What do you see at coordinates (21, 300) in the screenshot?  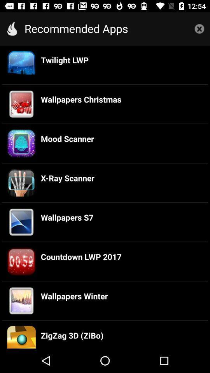 I see `the second image above the notification bar` at bounding box center [21, 300].